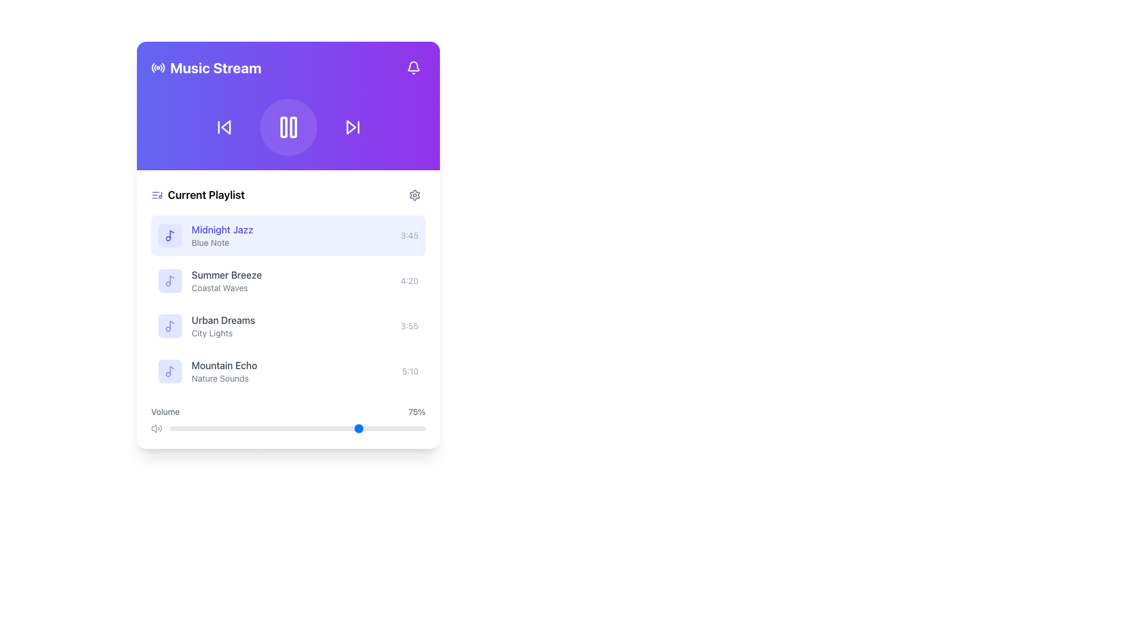 The image size is (1143, 643). Describe the element at coordinates (152, 68) in the screenshot. I see `the leftmost arc of the radio icon that visually represents radio functionality, located next to the 'Music Stream' title` at that location.